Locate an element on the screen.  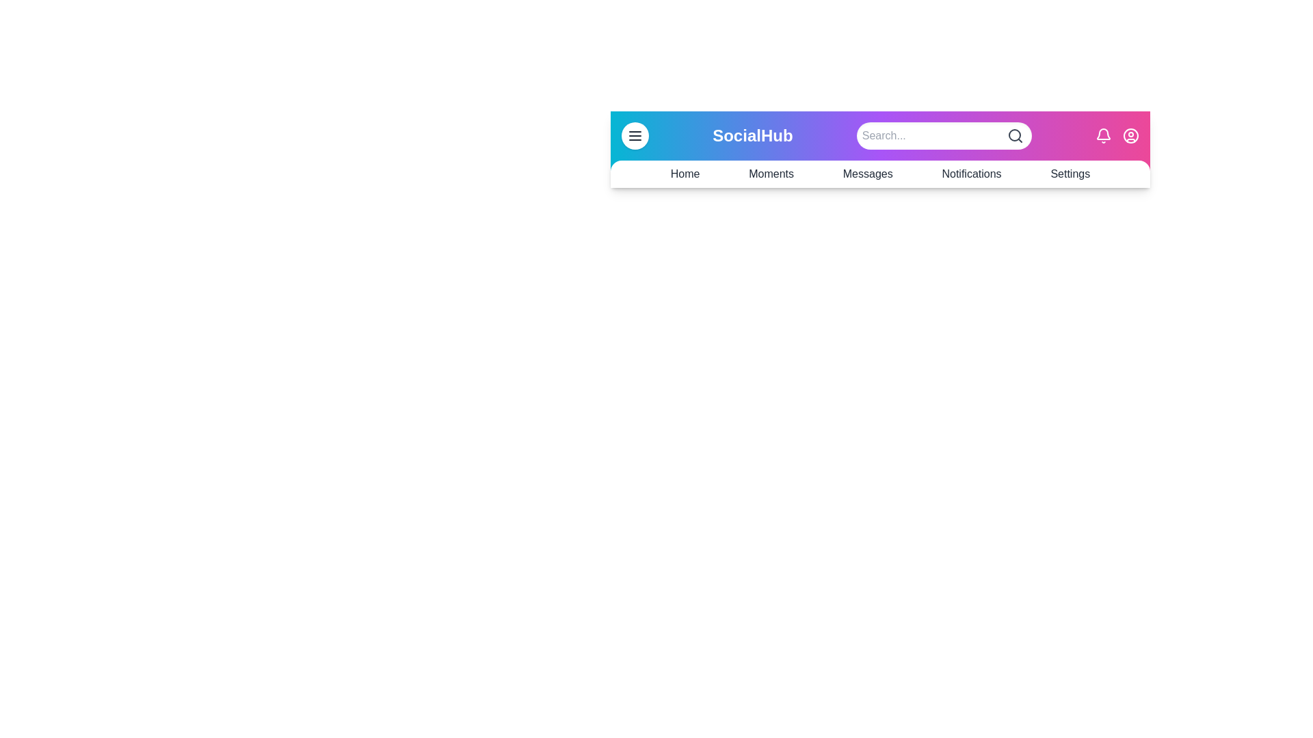
the navigation link labeled Settings is located at coordinates (1069, 173).